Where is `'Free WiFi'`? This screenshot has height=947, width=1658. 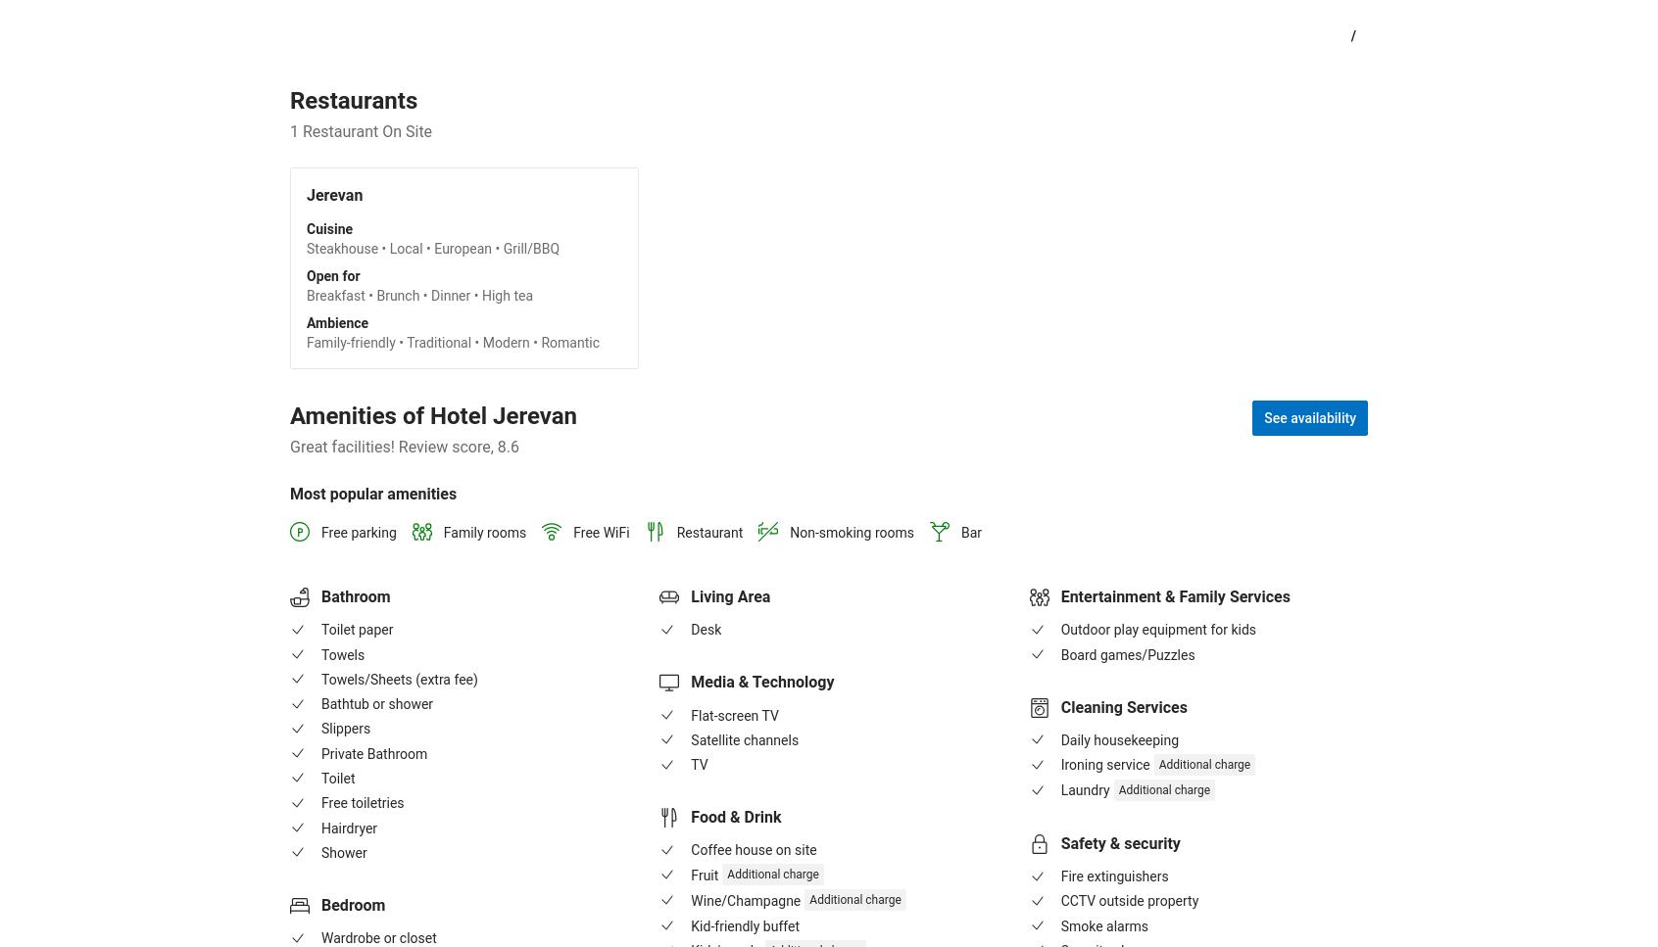
'Free WiFi' is located at coordinates (600, 533).